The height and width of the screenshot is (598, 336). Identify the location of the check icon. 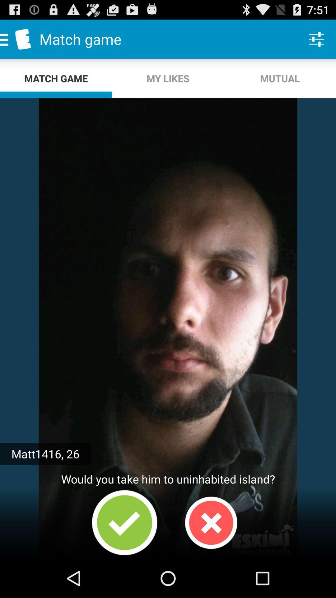
(124, 559).